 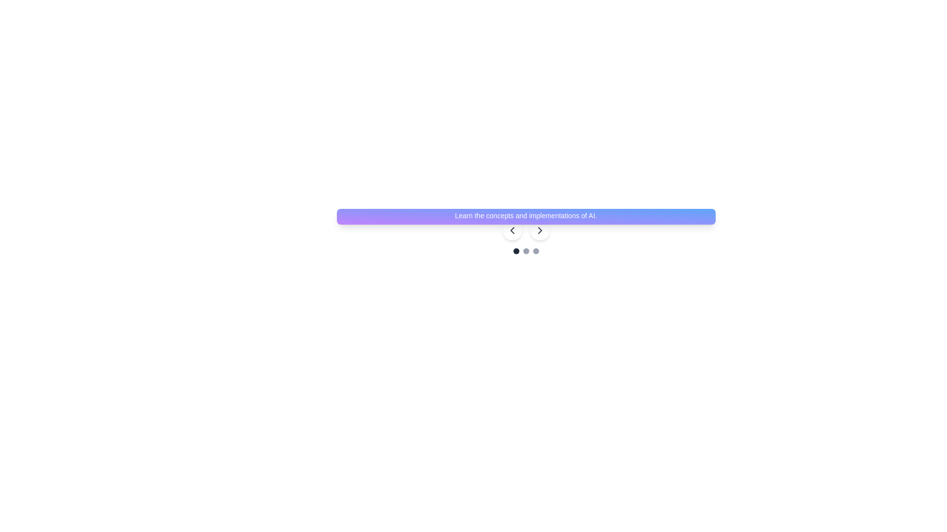 I want to click on the leftward-pointing chevron navigational button that is part of the navigation control, located at the left side of a group of navigation buttons near the center of the UI layout, so click(x=512, y=230).